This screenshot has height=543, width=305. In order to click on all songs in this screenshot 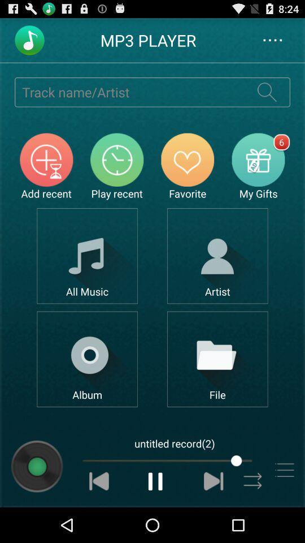, I will do `click(86, 256)`.